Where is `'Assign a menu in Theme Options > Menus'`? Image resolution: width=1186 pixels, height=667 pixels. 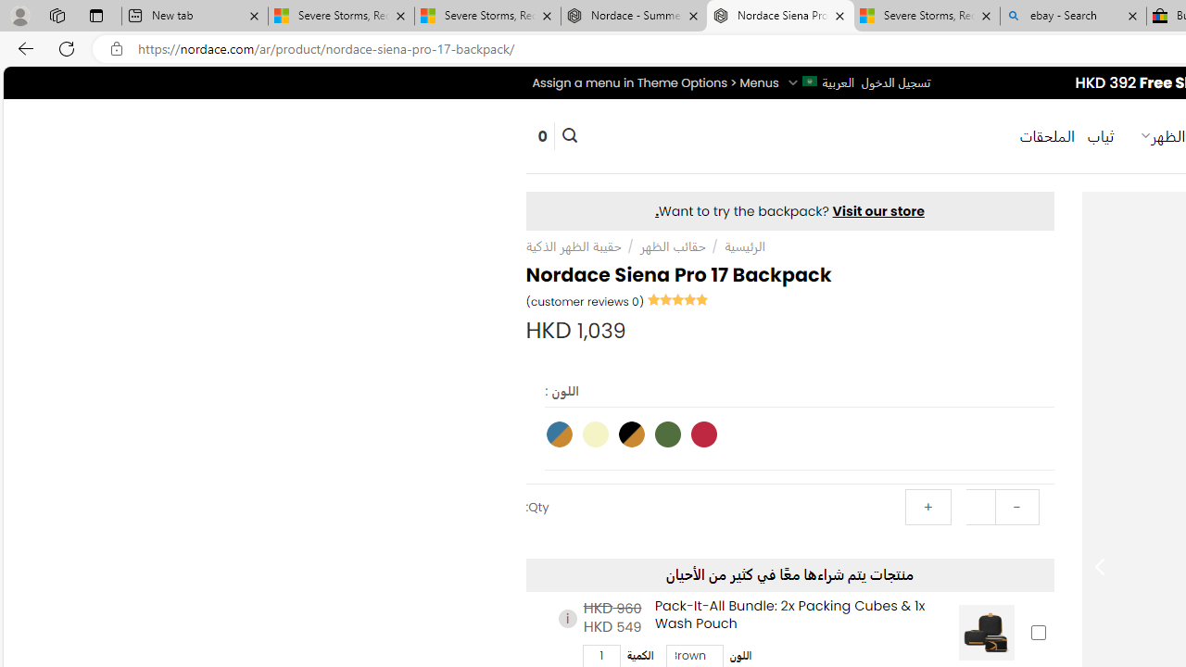
'Assign a menu in Theme Options > Menus' is located at coordinates (655, 82).